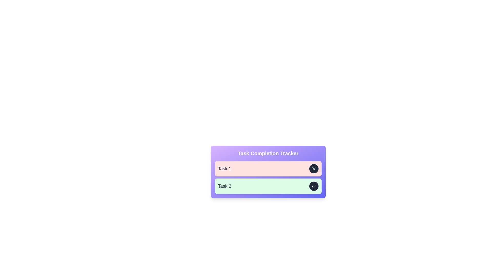 This screenshot has height=277, width=492. Describe the element at coordinates (313, 169) in the screenshot. I see `the red 'X' icon button located on the right side of the 'Task 1' row in the task completion tracker` at that location.